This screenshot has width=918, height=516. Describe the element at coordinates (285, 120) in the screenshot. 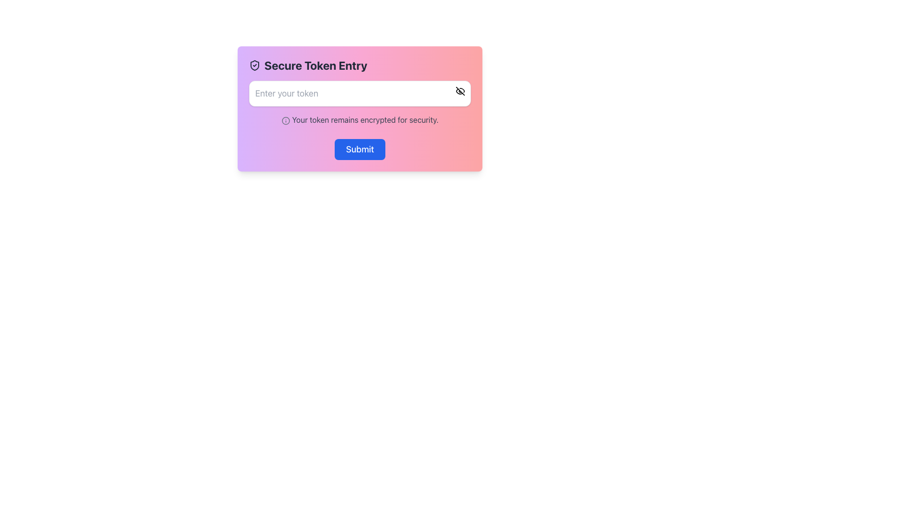

I see `the circular outline icon with a light gray stroke color located to the left of the 'Secure Token Entry' text` at that location.